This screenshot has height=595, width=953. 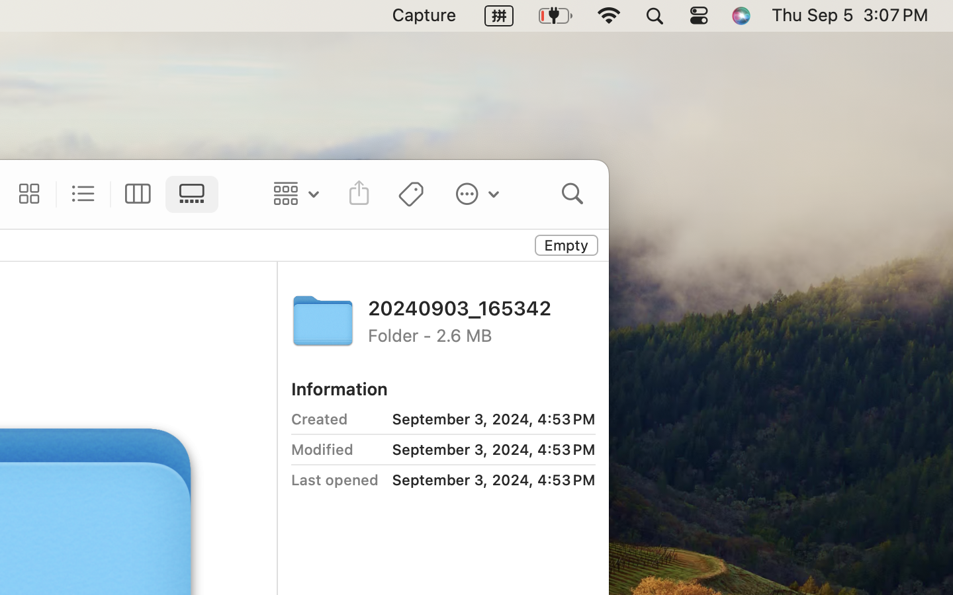 I want to click on '20240903_165342', so click(x=481, y=306).